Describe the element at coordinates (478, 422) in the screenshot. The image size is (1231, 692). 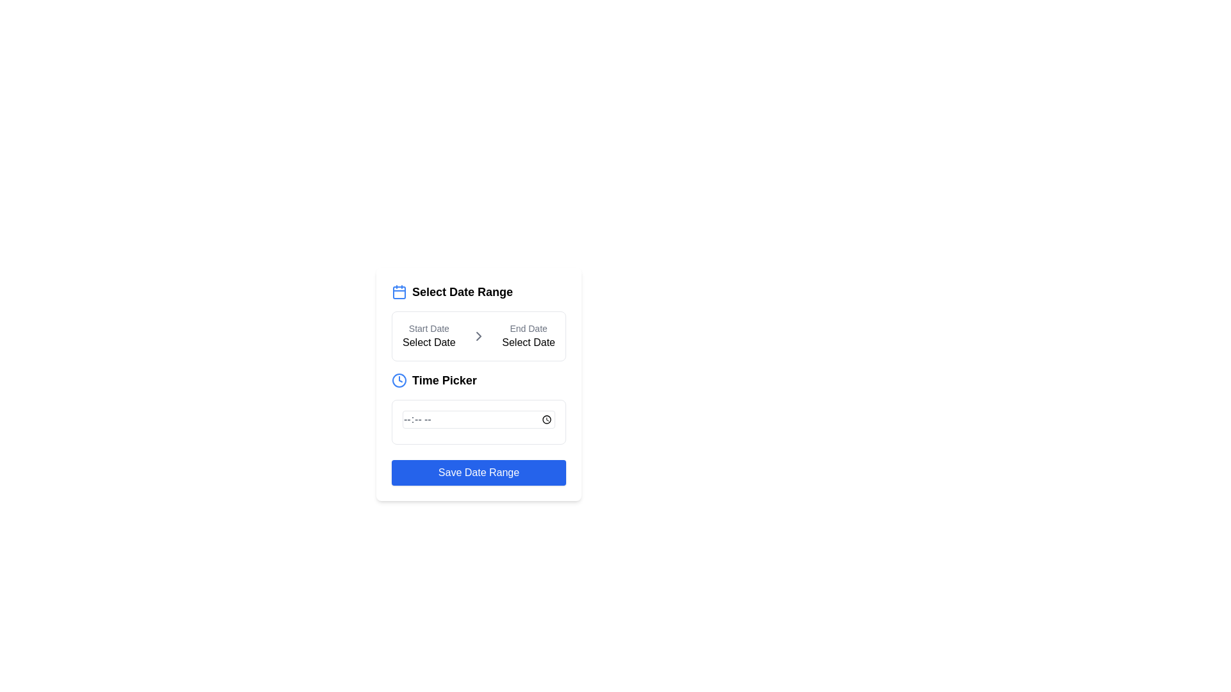
I see `the time input field within the 'Time Picker' section to type a time` at that location.